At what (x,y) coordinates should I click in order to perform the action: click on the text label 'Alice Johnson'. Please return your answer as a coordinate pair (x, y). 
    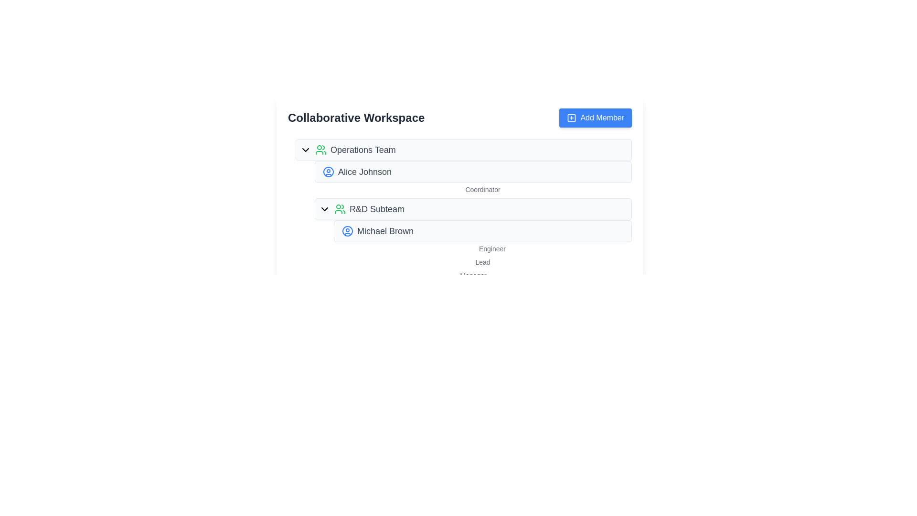
    Looking at the image, I should click on (364, 171).